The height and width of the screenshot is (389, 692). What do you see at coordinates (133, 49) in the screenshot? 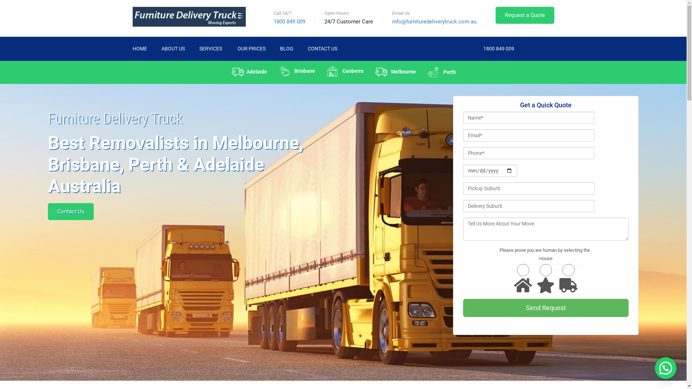
I see `'HOME'` at bounding box center [133, 49].